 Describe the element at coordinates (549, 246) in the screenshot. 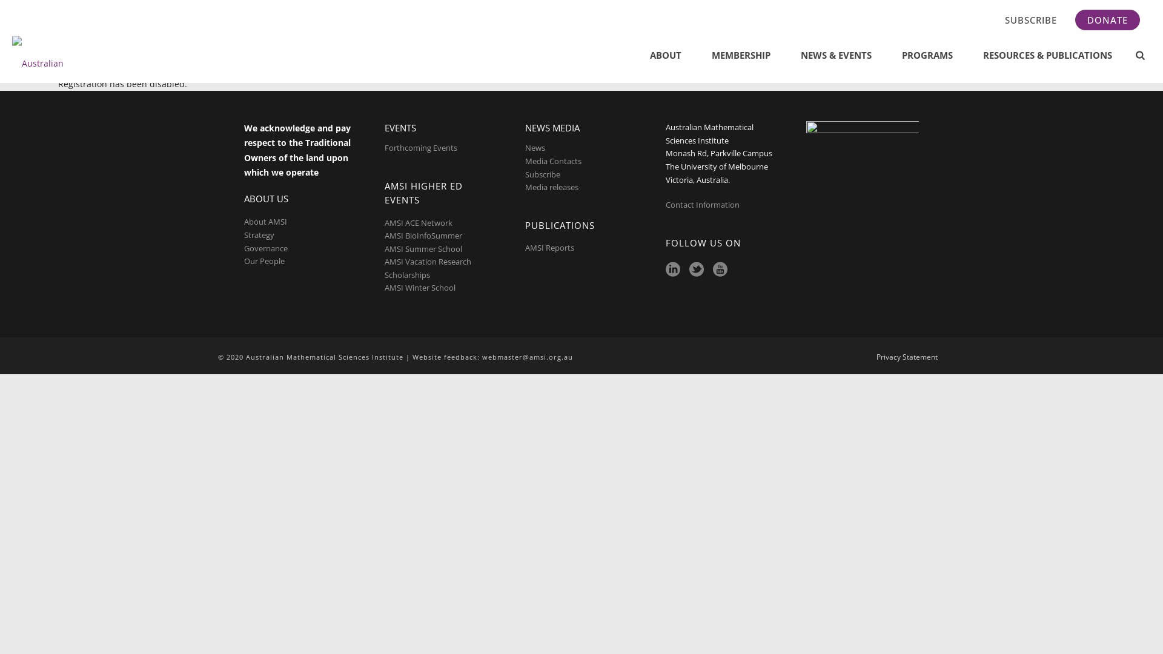

I see `'AMSI Reports'` at that location.